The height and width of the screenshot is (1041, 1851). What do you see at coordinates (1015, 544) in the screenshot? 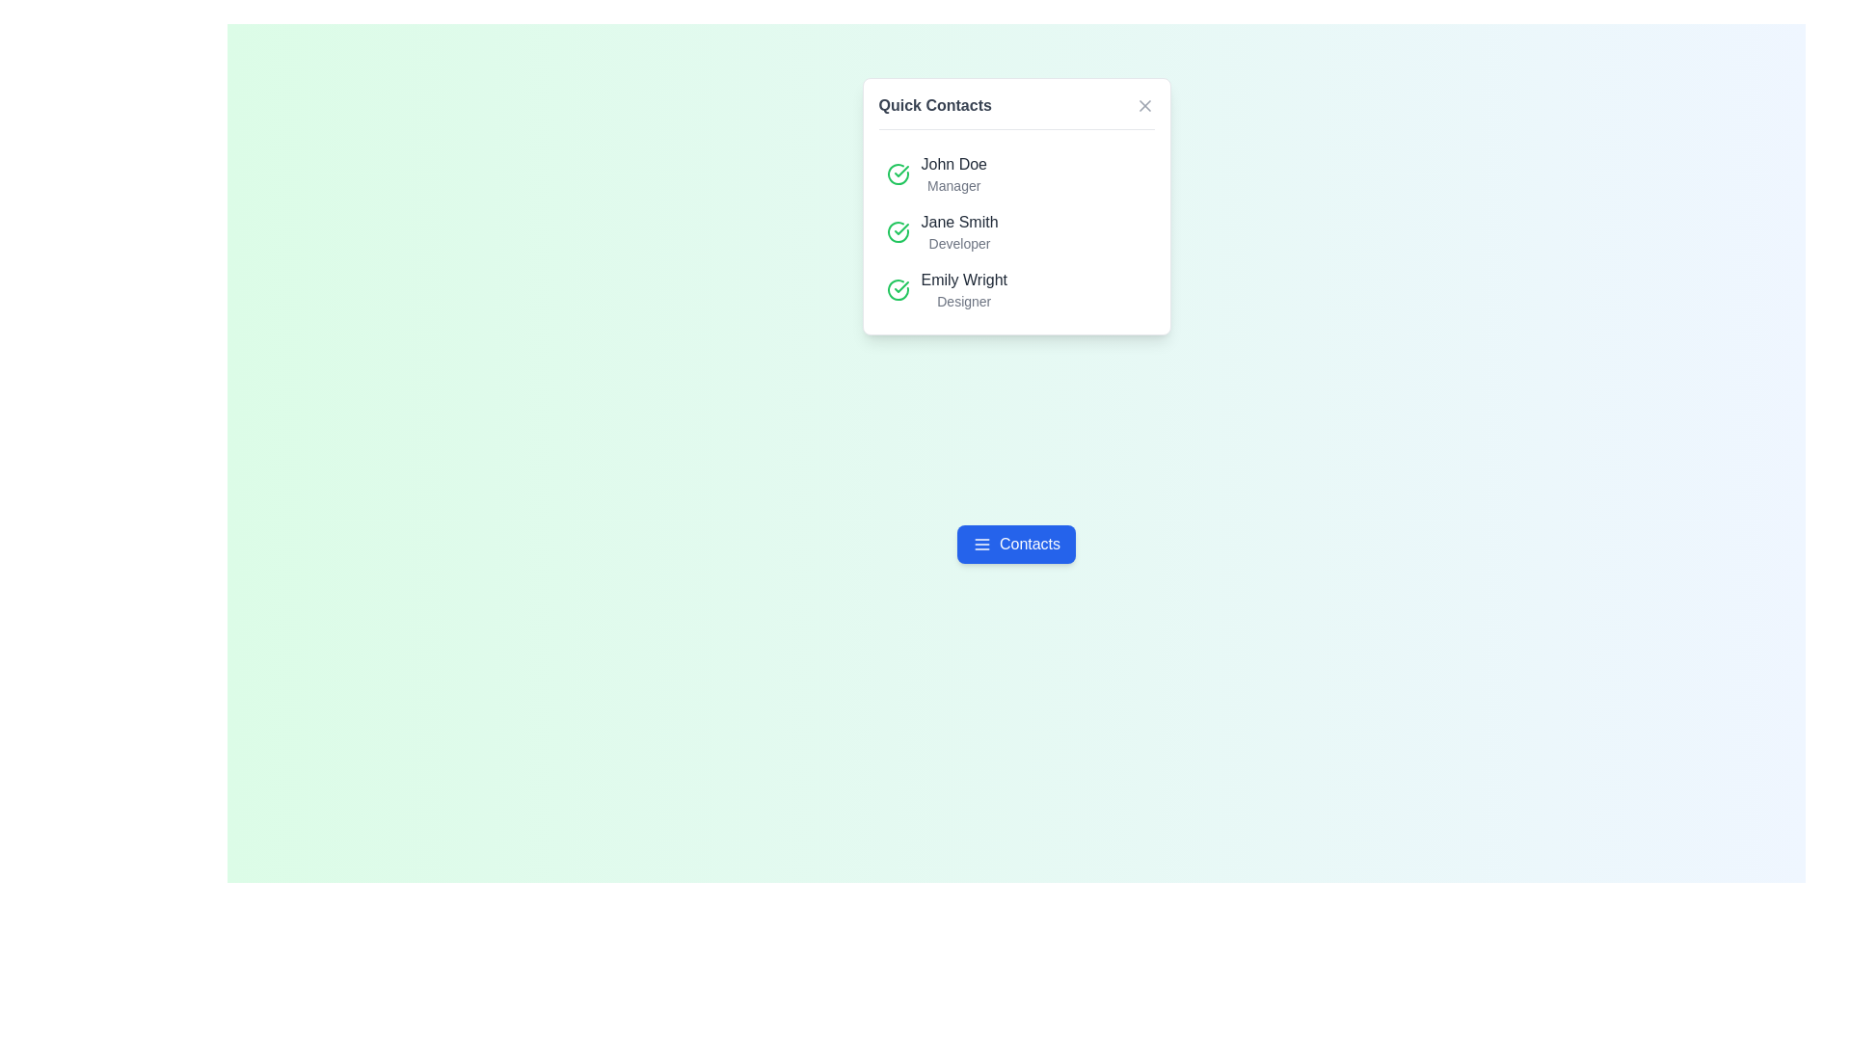
I see `the blue 'Contacts' button with white text and a three-bar menu icon` at bounding box center [1015, 544].